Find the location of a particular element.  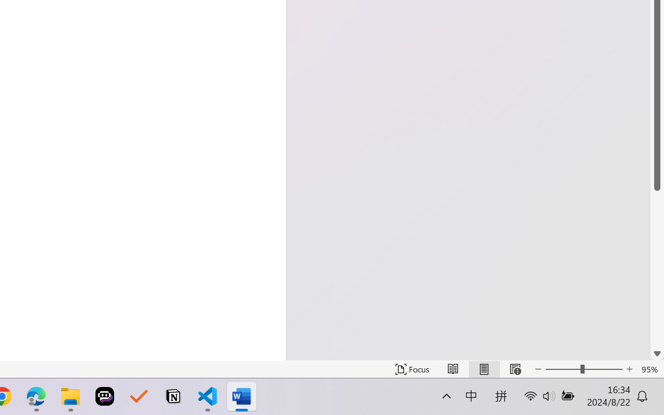

'Zoom 95%' is located at coordinates (649, 369).